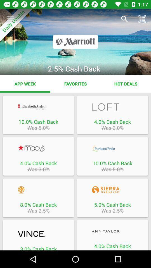 The height and width of the screenshot is (268, 151). I want to click on loft, so click(112, 107).